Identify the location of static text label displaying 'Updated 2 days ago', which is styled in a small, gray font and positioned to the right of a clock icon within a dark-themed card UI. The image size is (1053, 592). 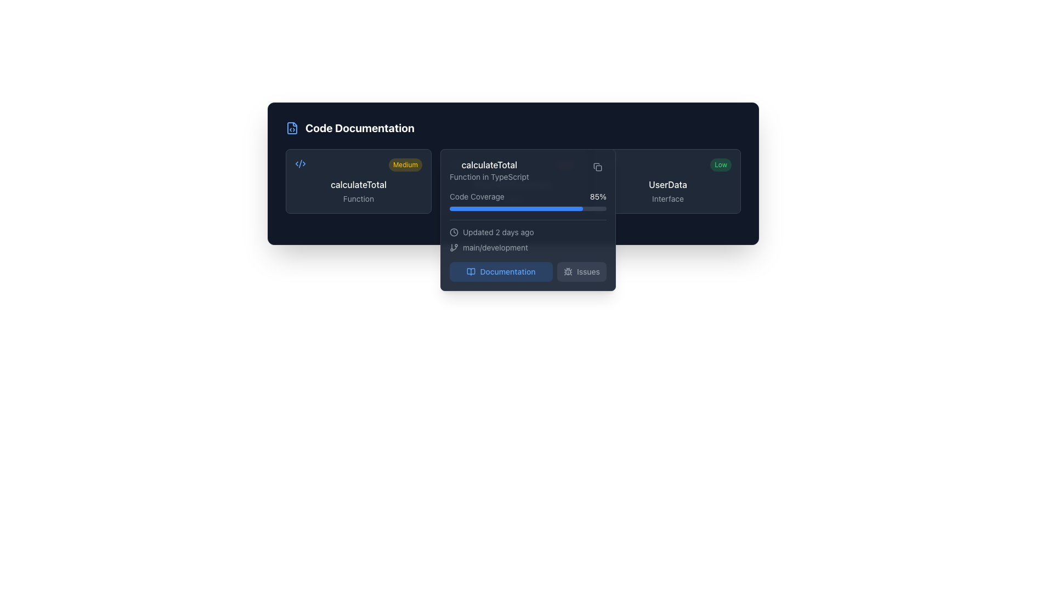
(497, 232).